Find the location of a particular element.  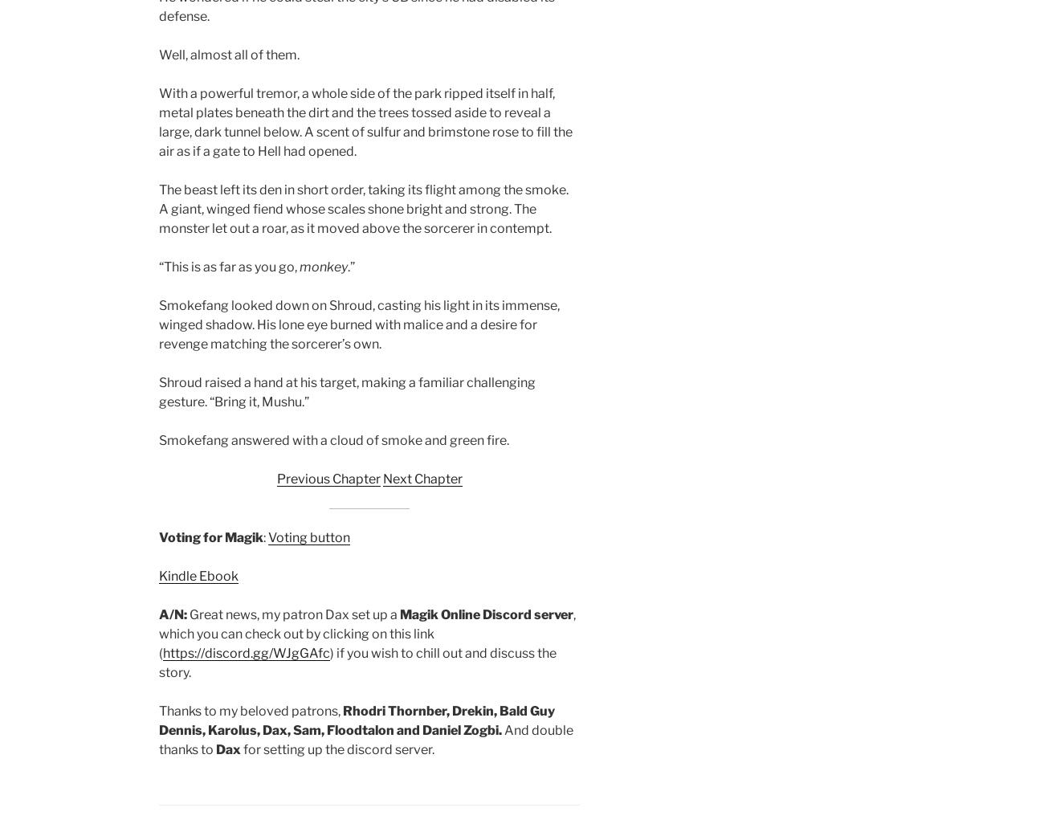

'Voting button' is located at coordinates (267, 537).